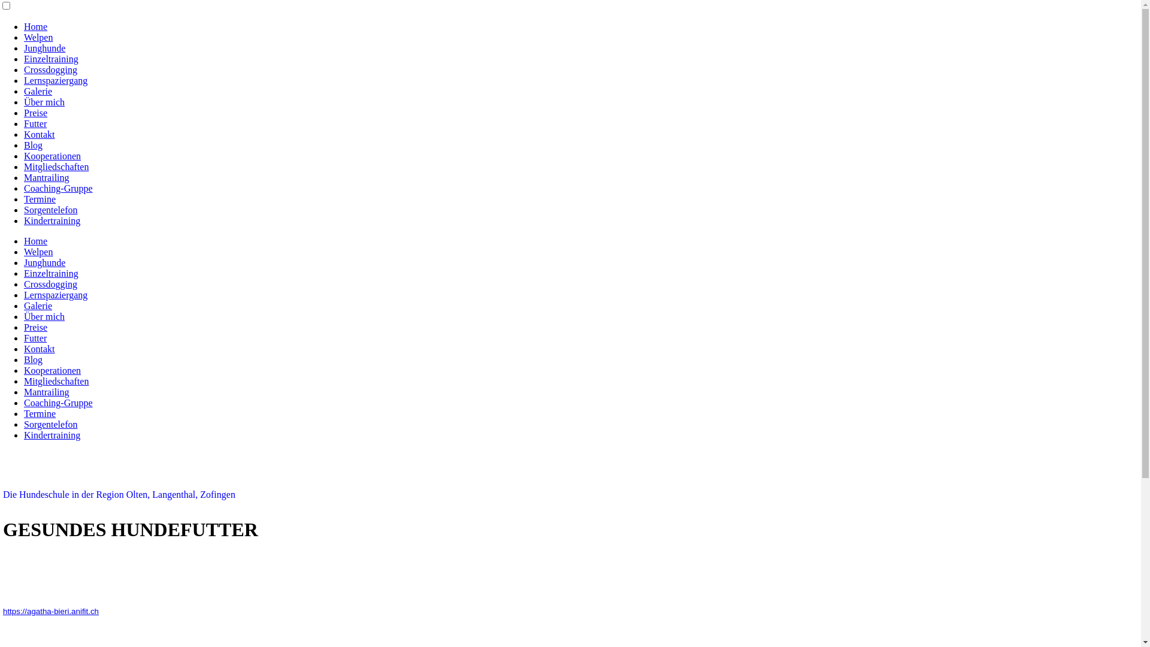 This screenshot has width=1150, height=647. Describe the element at coordinates (35, 26) in the screenshot. I see `'Home'` at that location.